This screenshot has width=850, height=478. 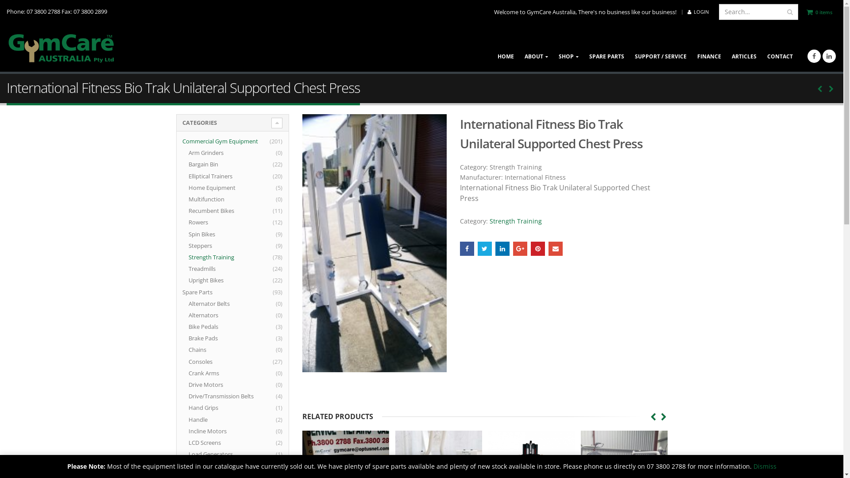 I want to click on 'Arm Grinders', so click(x=211, y=152).